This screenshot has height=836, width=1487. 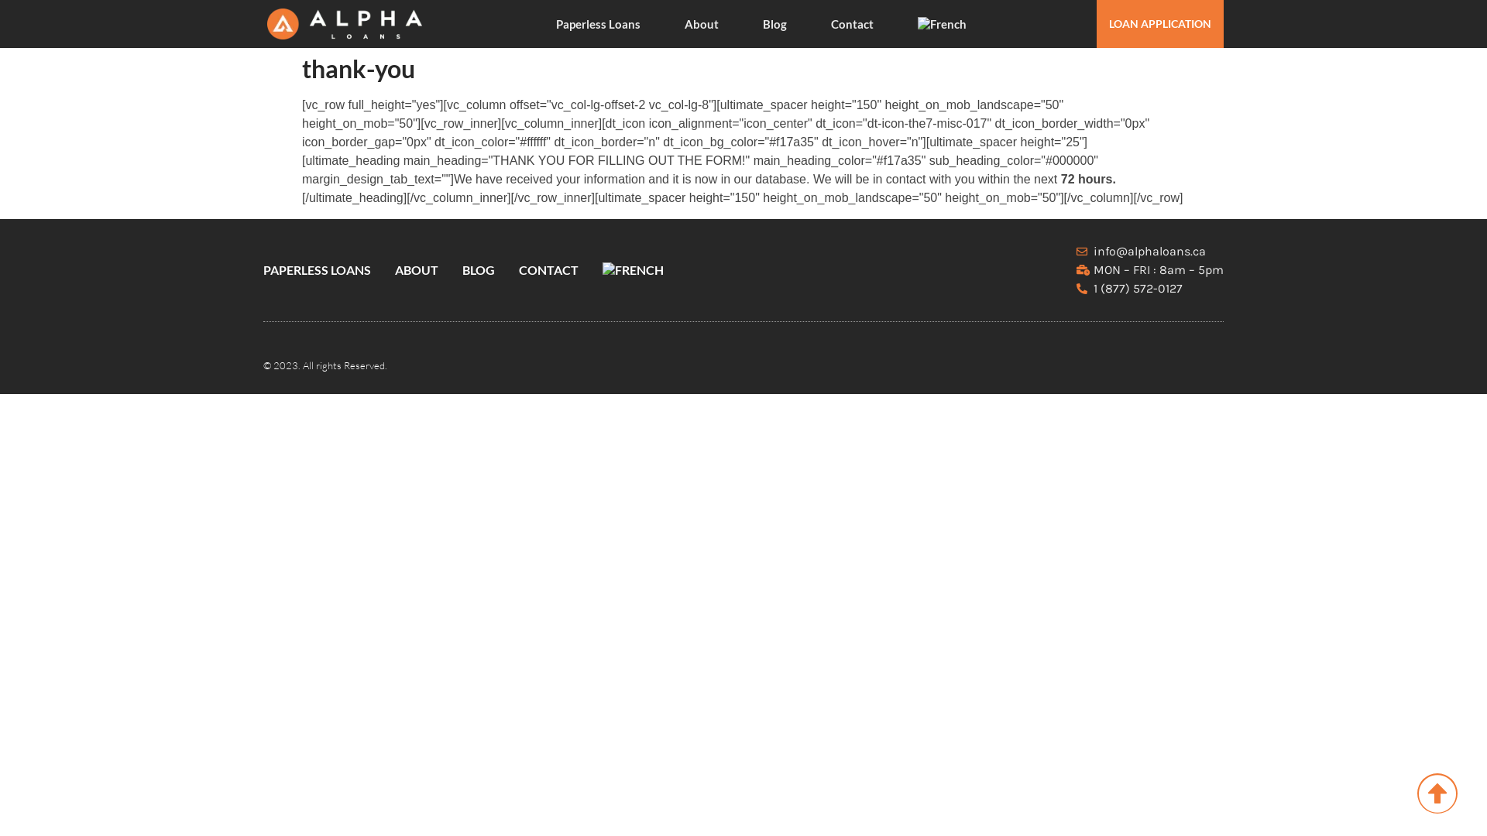 I want to click on 'LOAN APPLICATION', so click(x=1159, y=23).